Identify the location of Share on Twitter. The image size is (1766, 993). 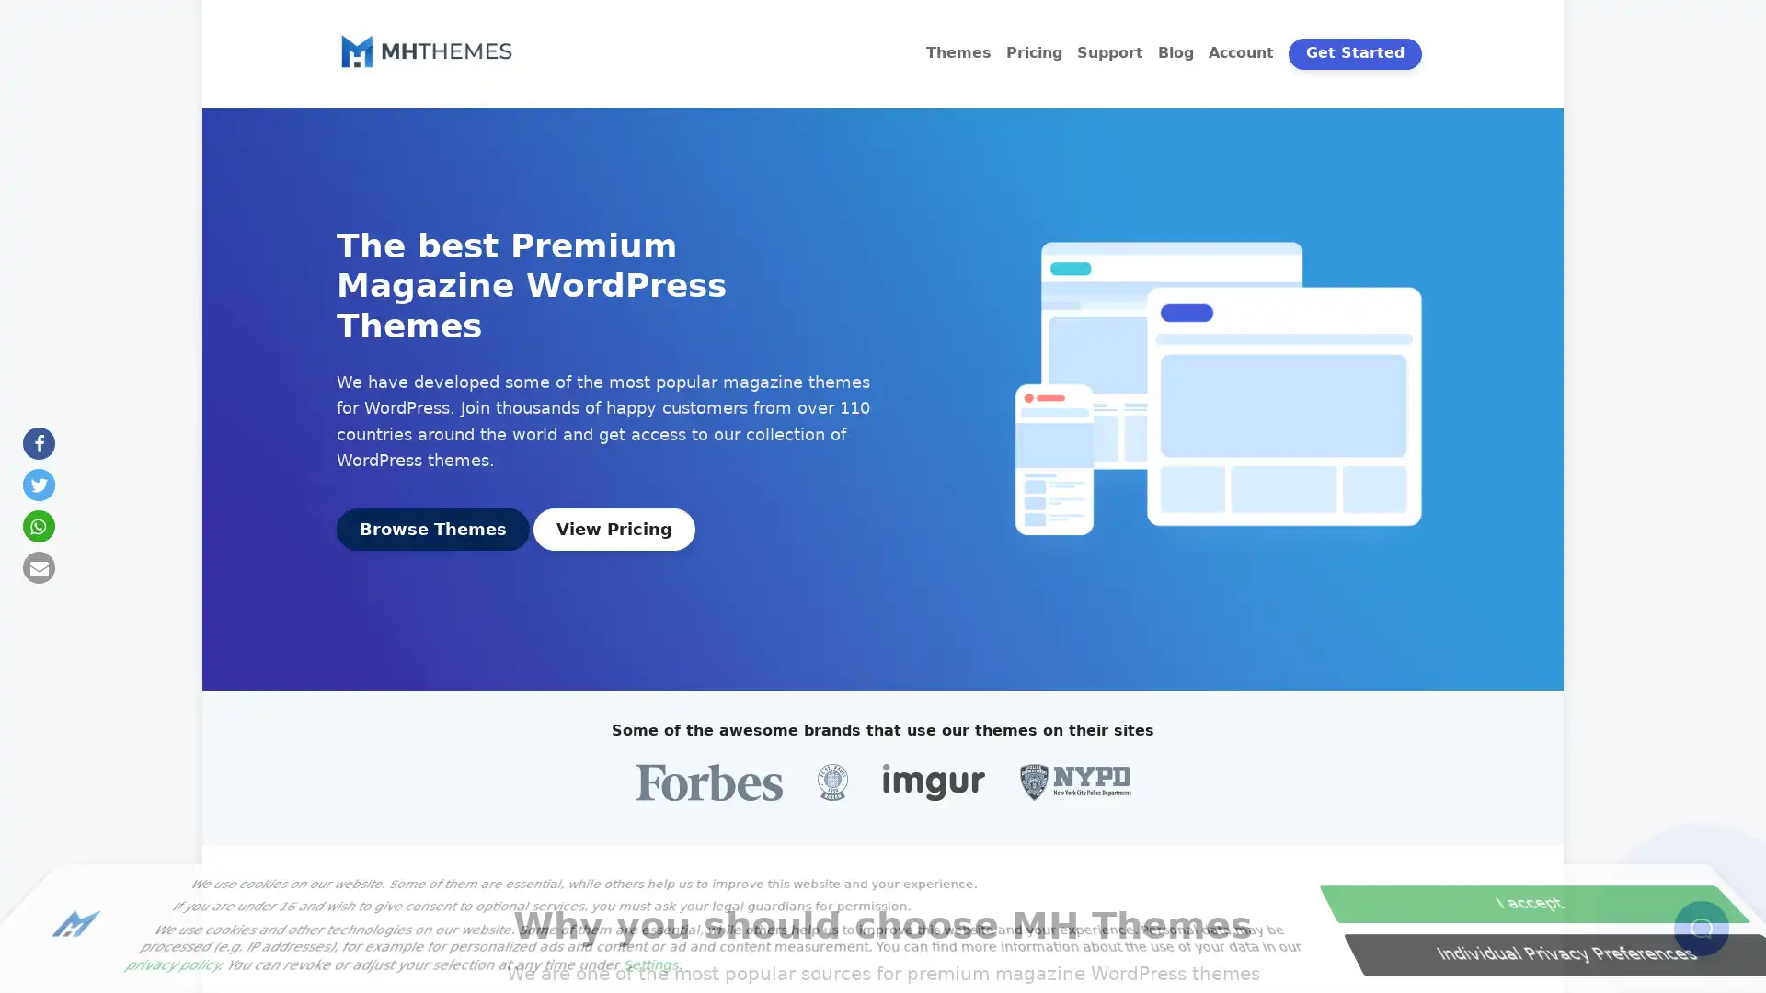
(39, 484).